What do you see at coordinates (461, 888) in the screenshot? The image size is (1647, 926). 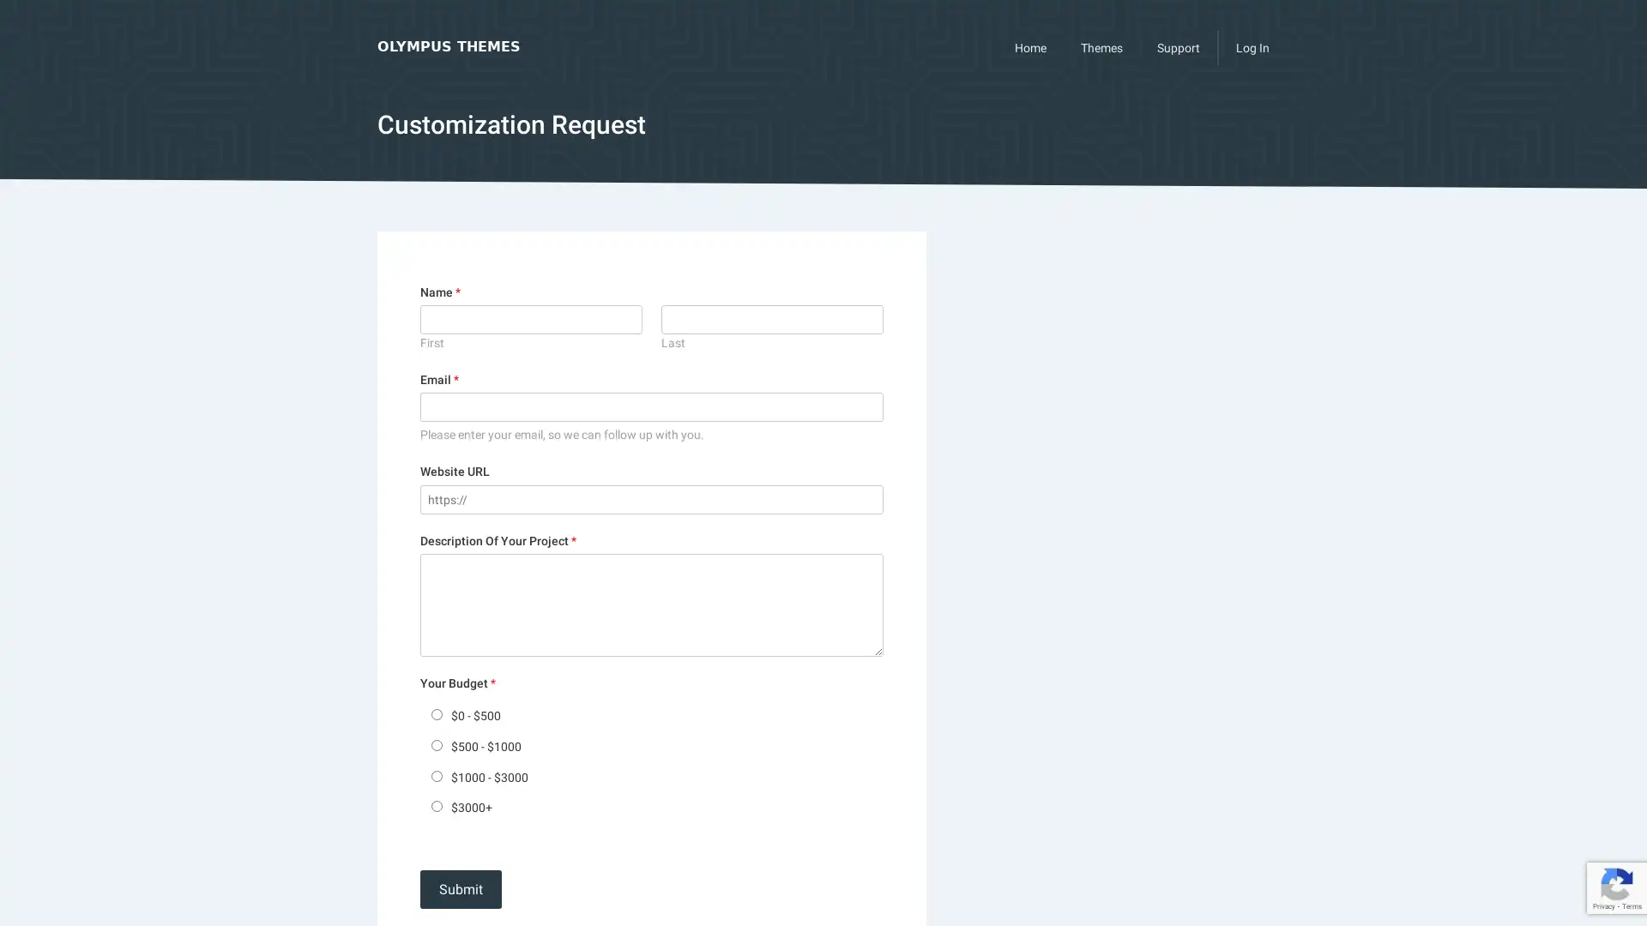 I see `Submit` at bounding box center [461, 888].